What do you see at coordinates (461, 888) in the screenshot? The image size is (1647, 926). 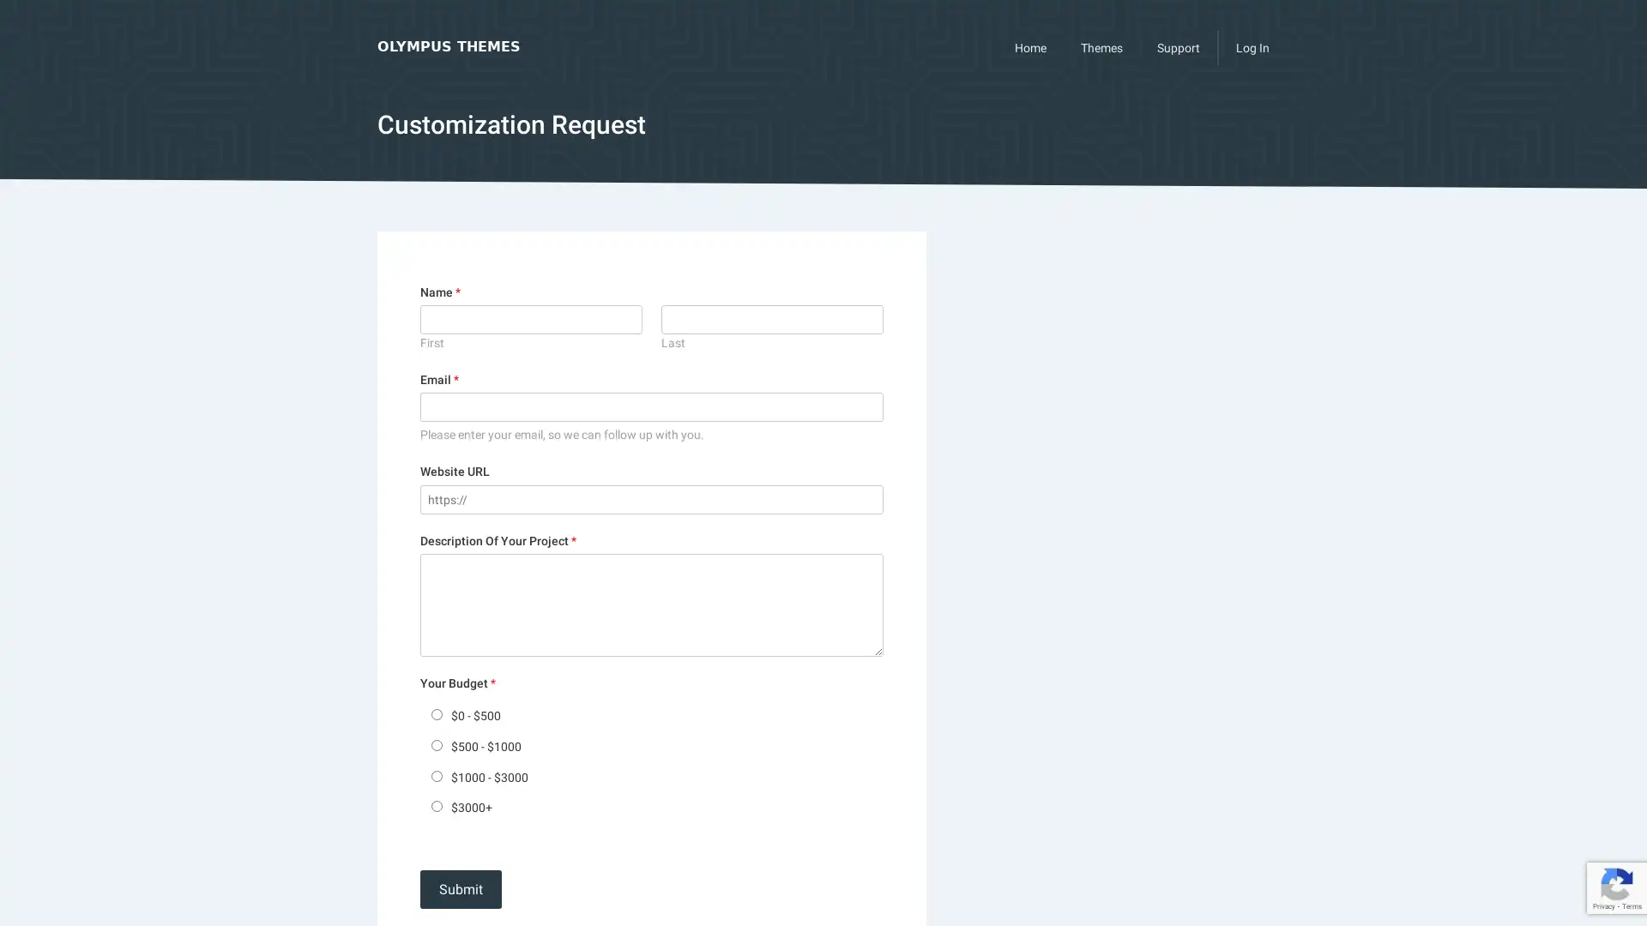 I see `Submit` at bounding box center [461, 888].